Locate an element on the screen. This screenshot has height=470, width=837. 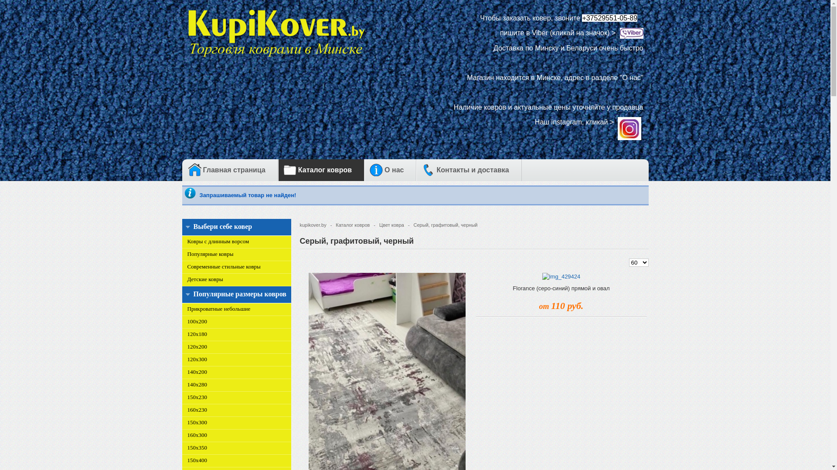
'150x230' is located at coordinates (197, 396).